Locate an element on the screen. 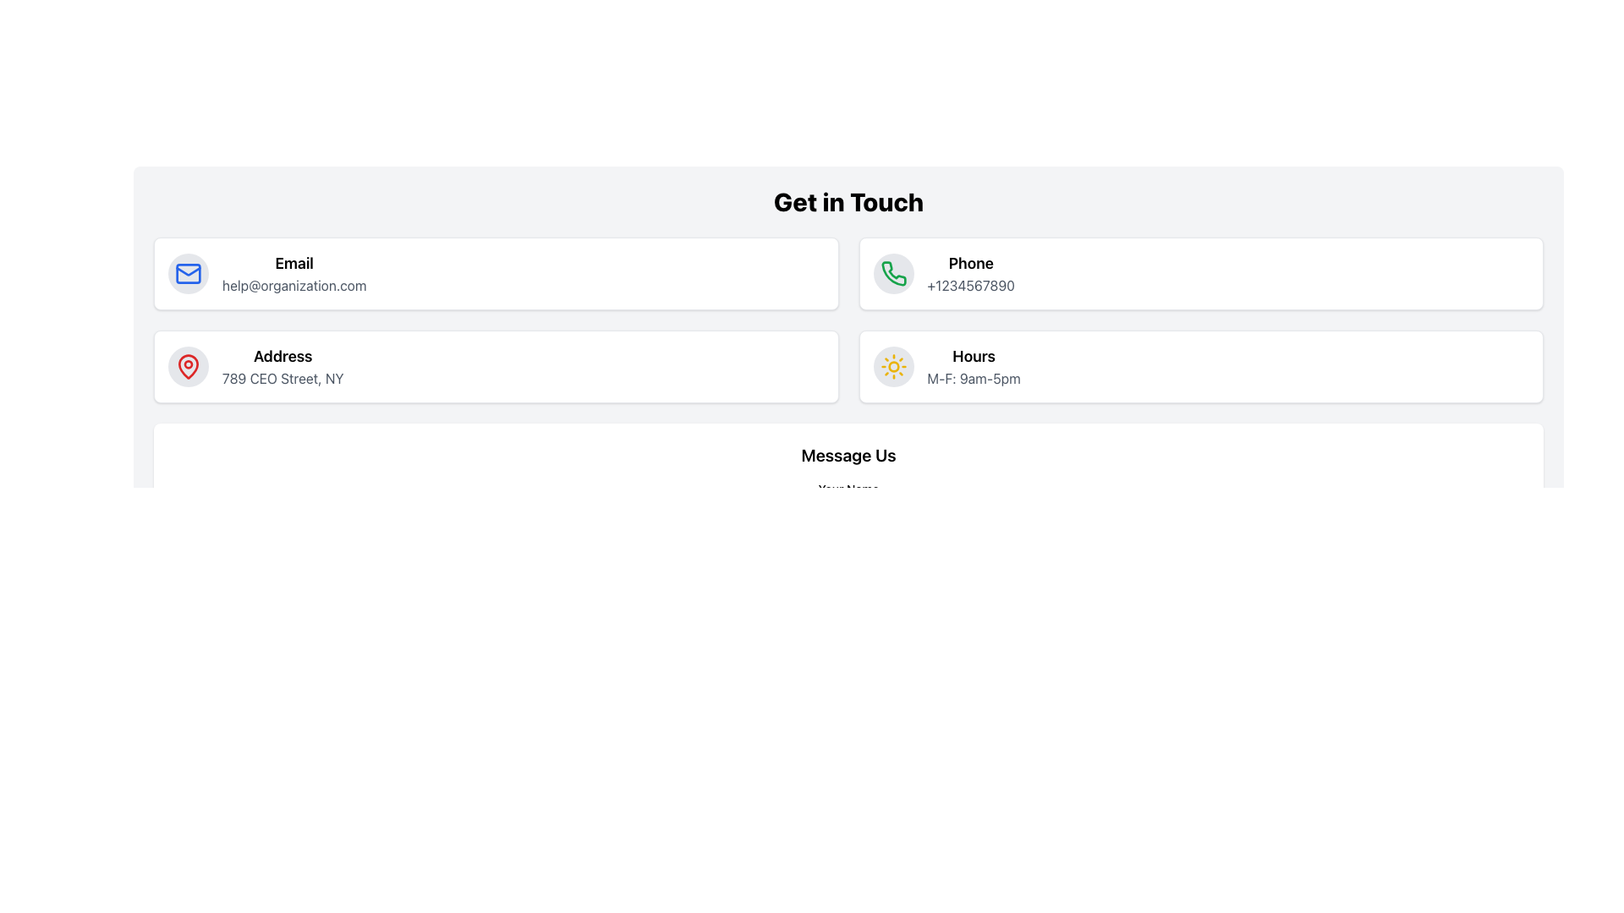  the Text (Heading) element that serves as the title for the contact information section is located at coordinates (848, 201).